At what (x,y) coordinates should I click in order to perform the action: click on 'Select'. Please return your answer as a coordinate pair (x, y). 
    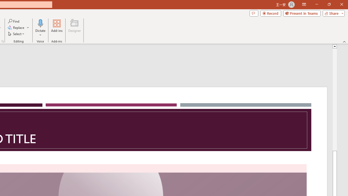
    Looking at the image, I should click on (17, 34).